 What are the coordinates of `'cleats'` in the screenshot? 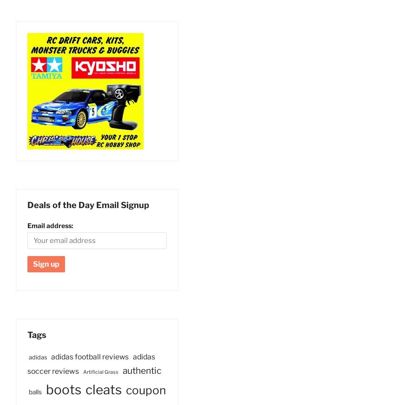 It's located at (104, 389).